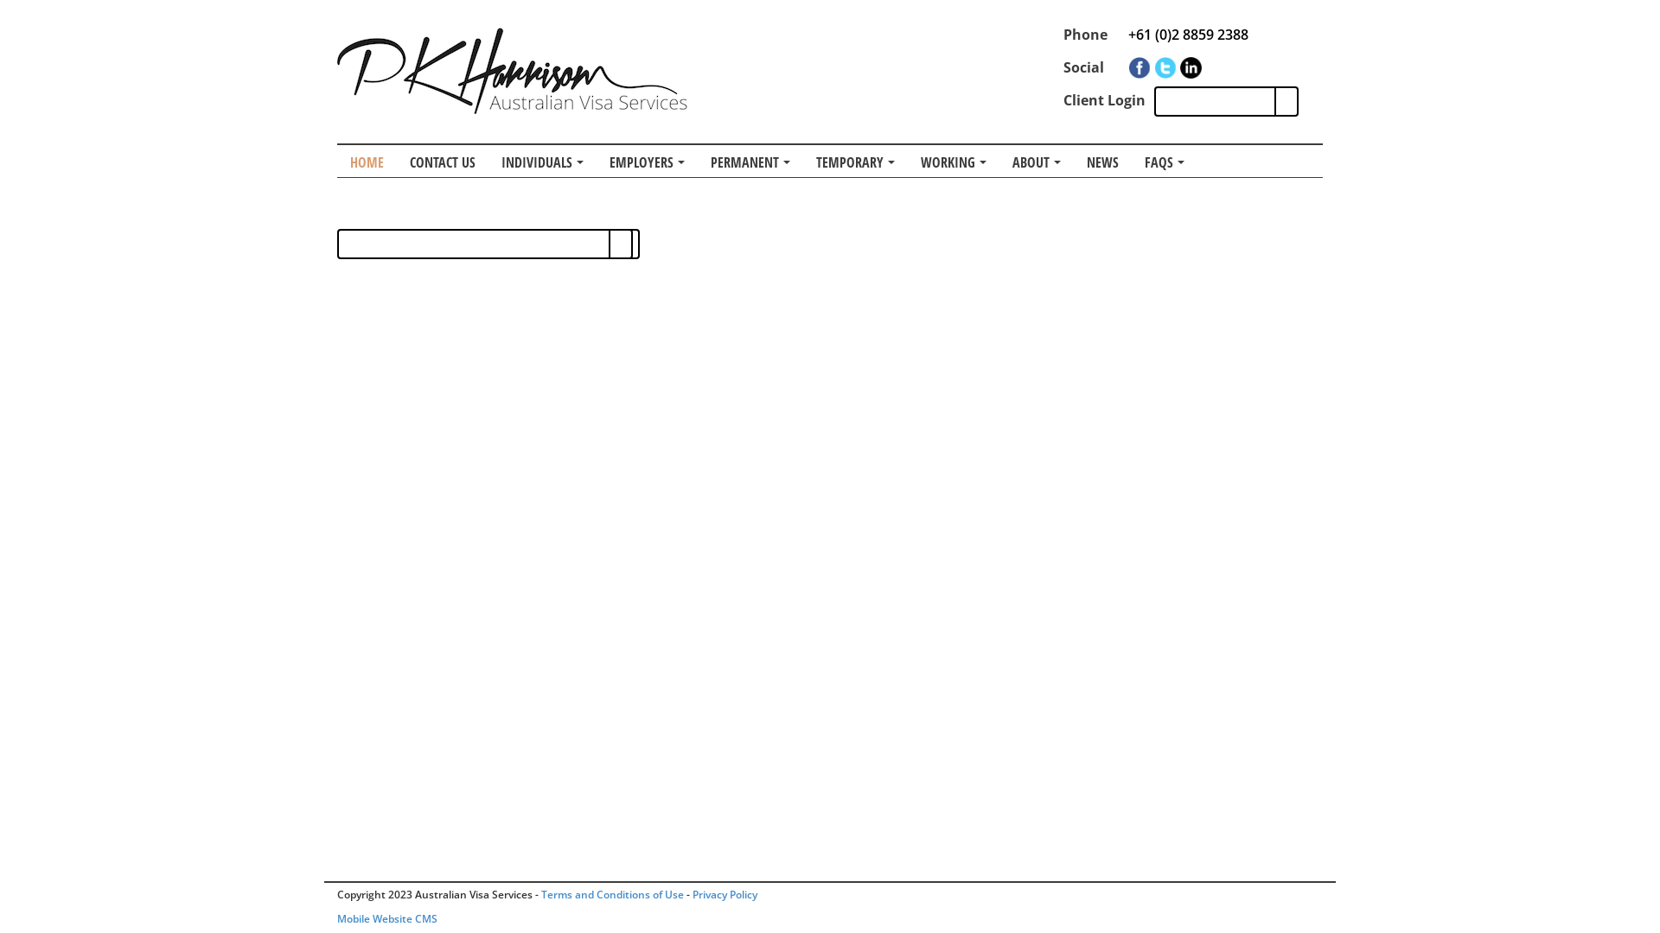 The width and height of the screenshot is (1660, 933). I want to click on 'HOME', so click(366, 161).